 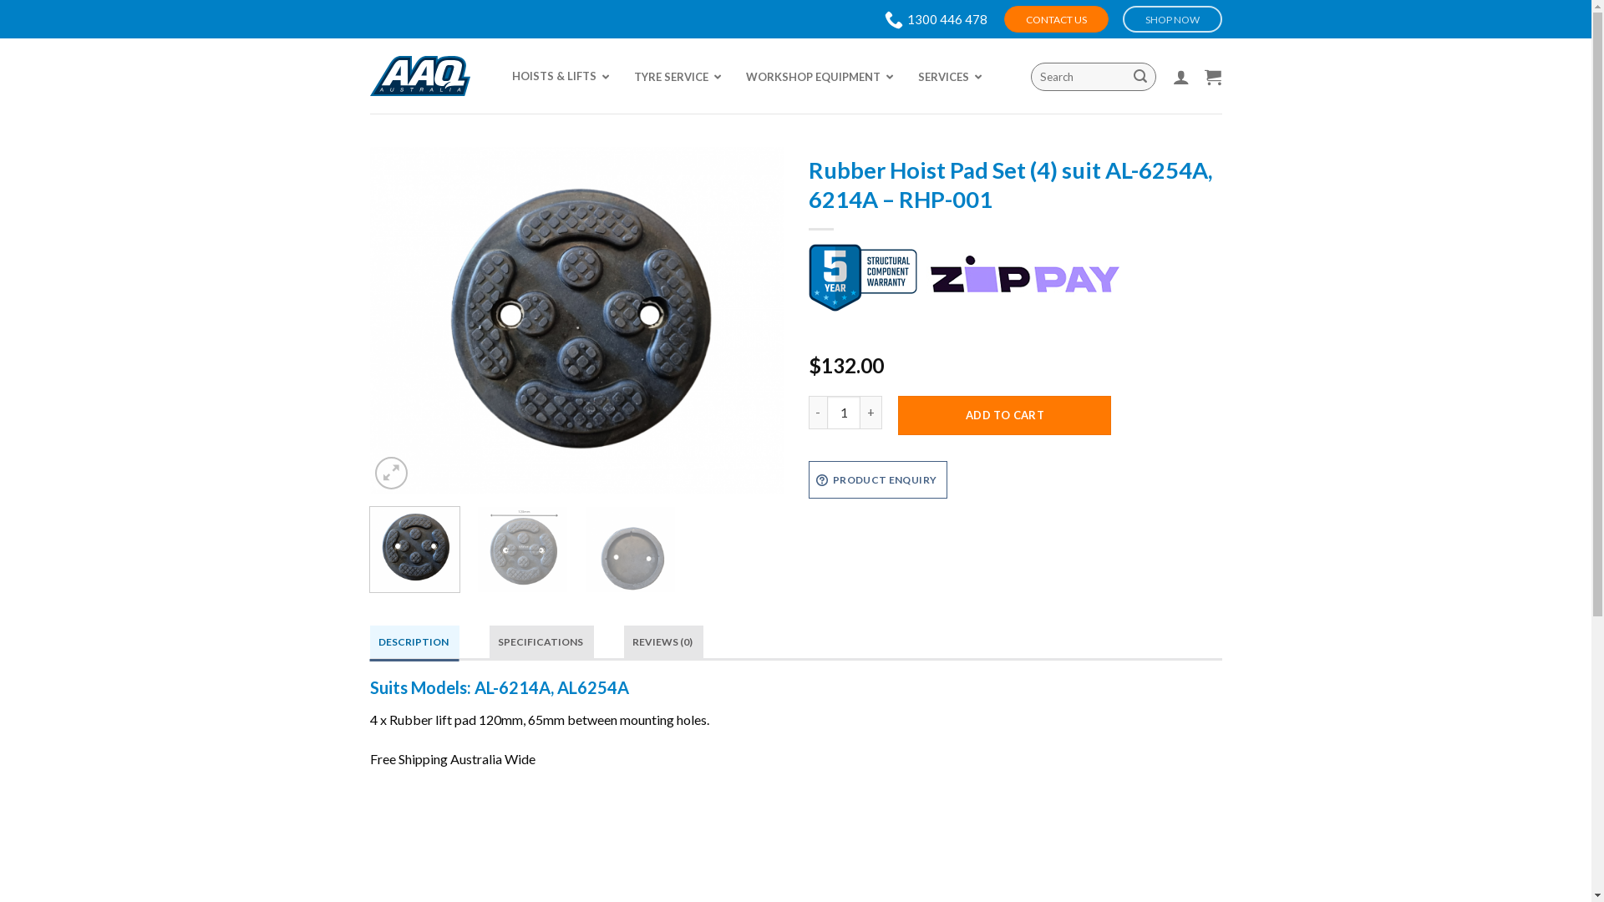 What do you see at coordinates (936, 19) in the screenshot?
I see `'1300 446 478'` at bounding box center [936, 19].